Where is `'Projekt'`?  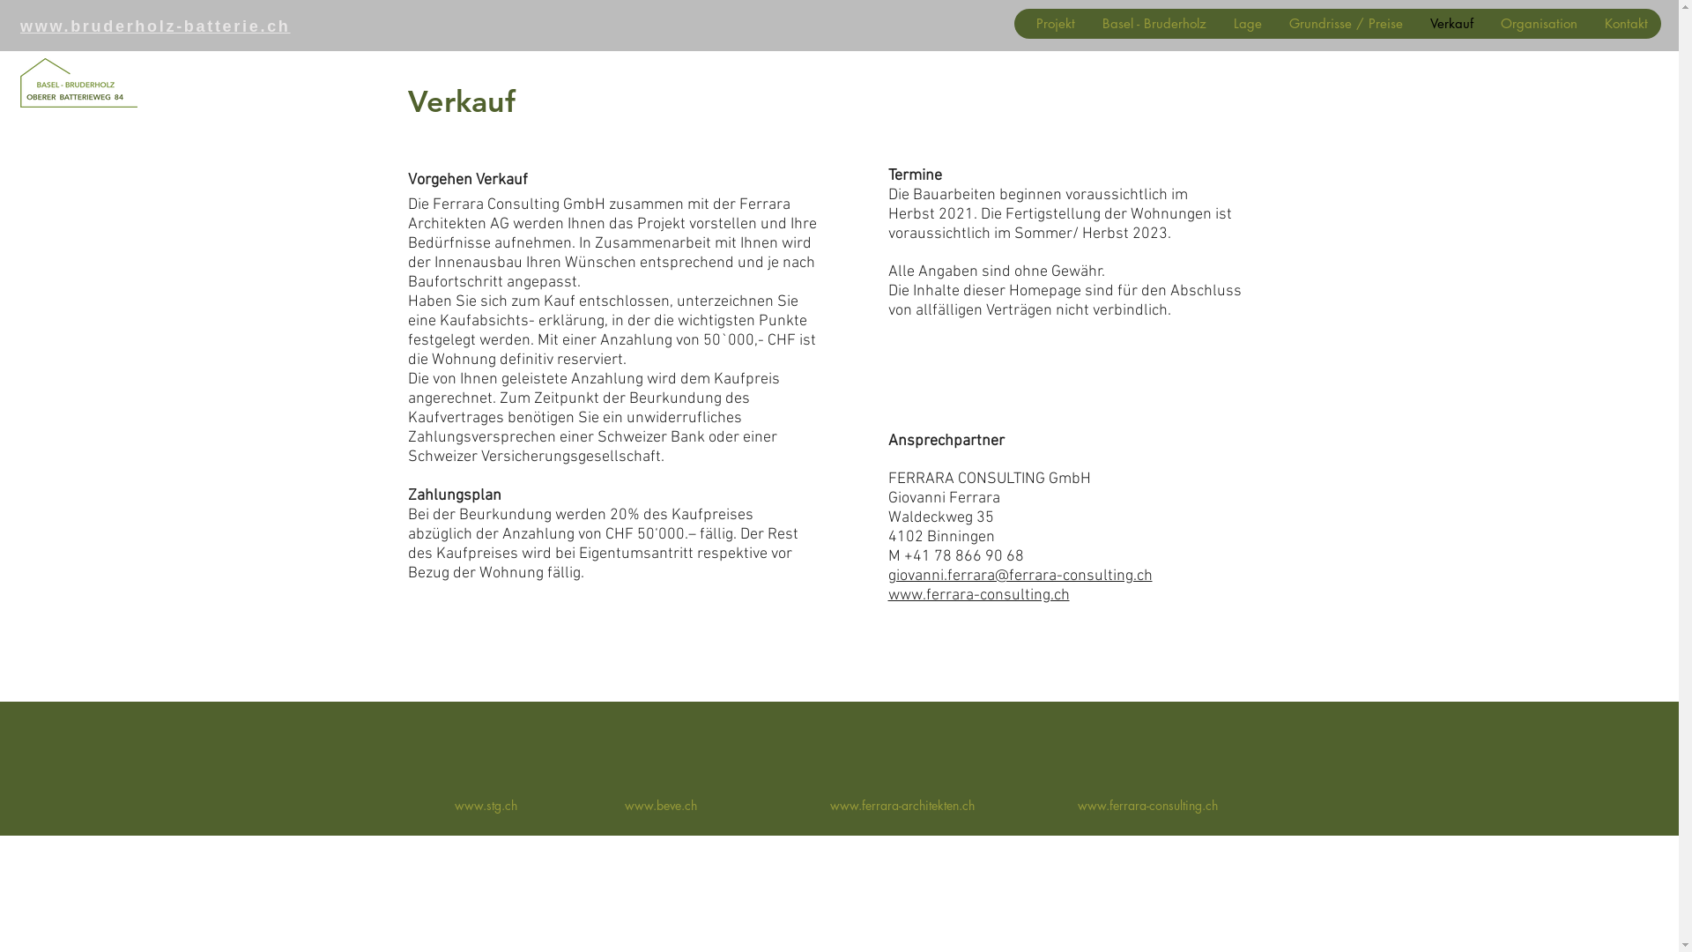 'Projekt' is located at coordinates (1055, 24).